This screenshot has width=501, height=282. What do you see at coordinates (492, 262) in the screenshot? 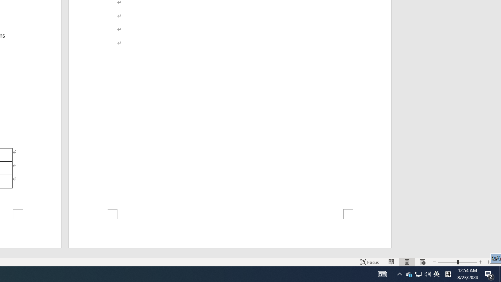
I see `'Zoom 104%'` at bounding box center [492, 262].